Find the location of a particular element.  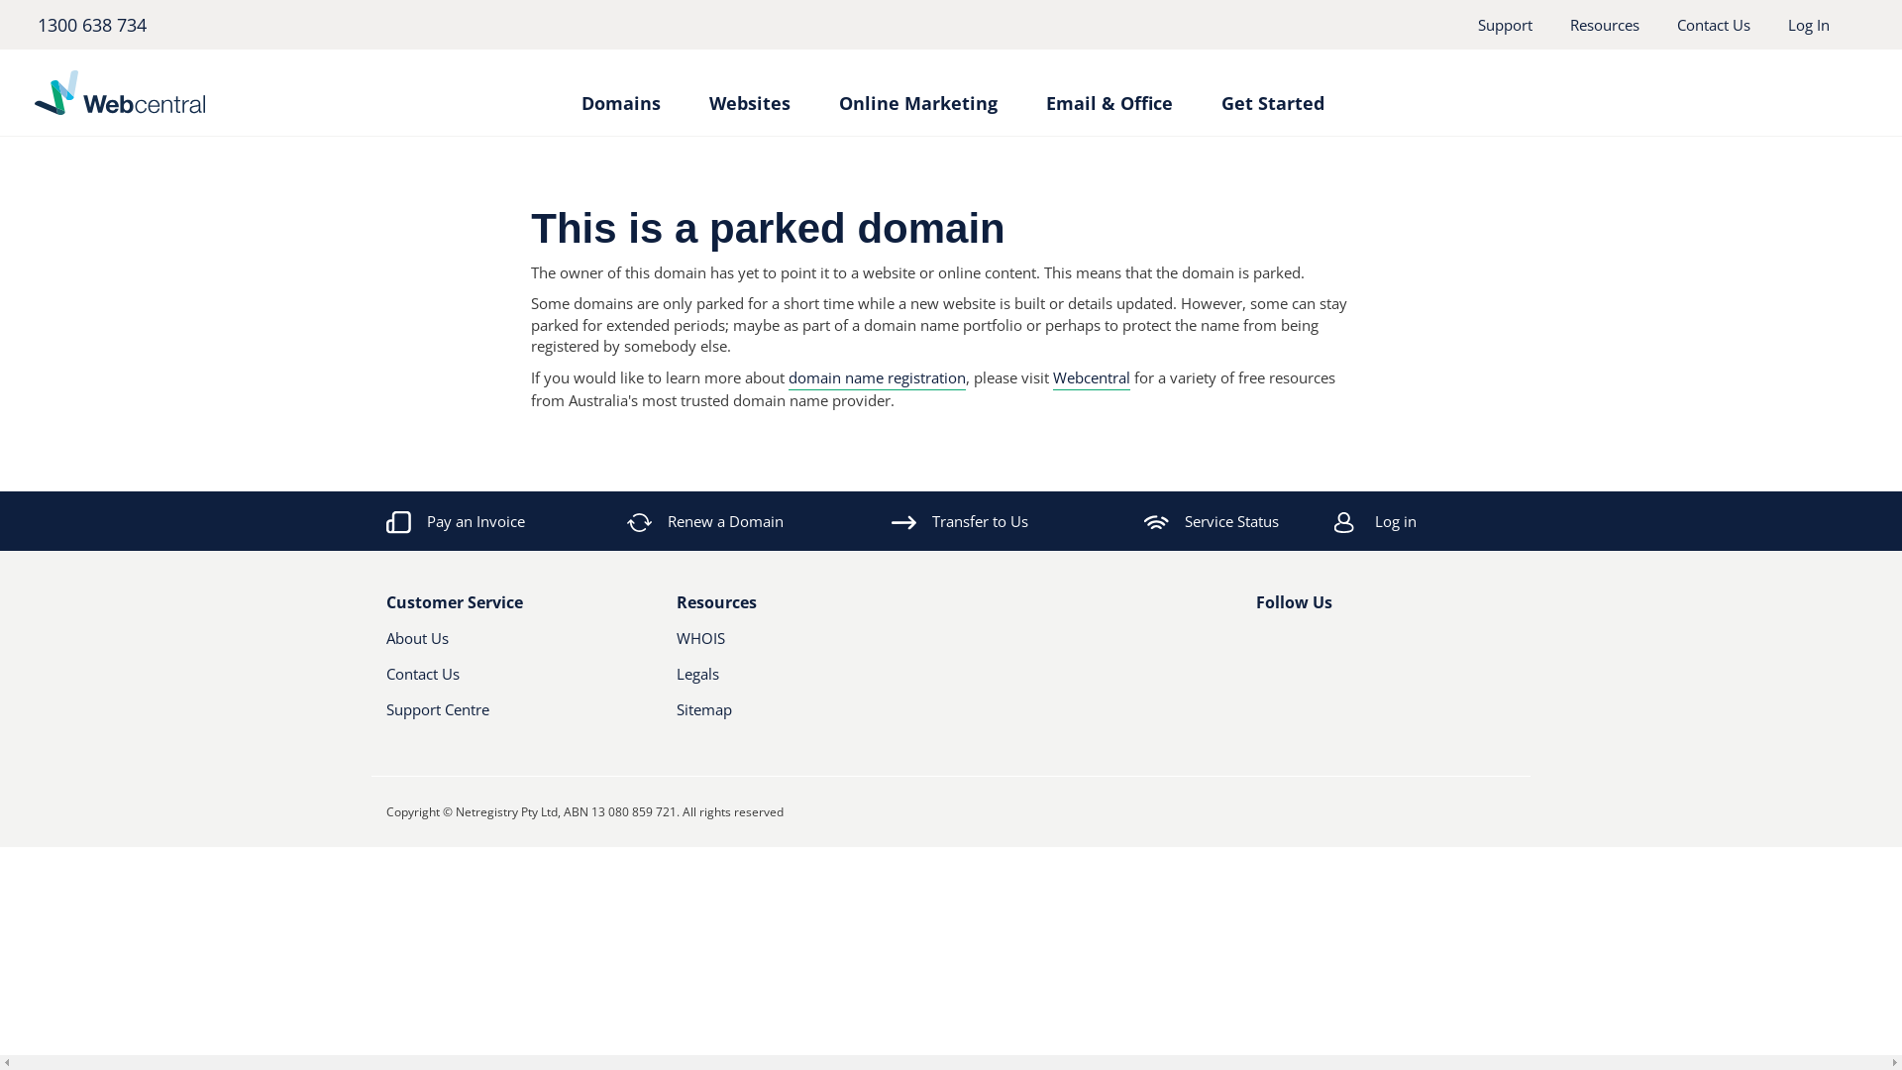

'Facebook' is located at coordinates (1268, 646).